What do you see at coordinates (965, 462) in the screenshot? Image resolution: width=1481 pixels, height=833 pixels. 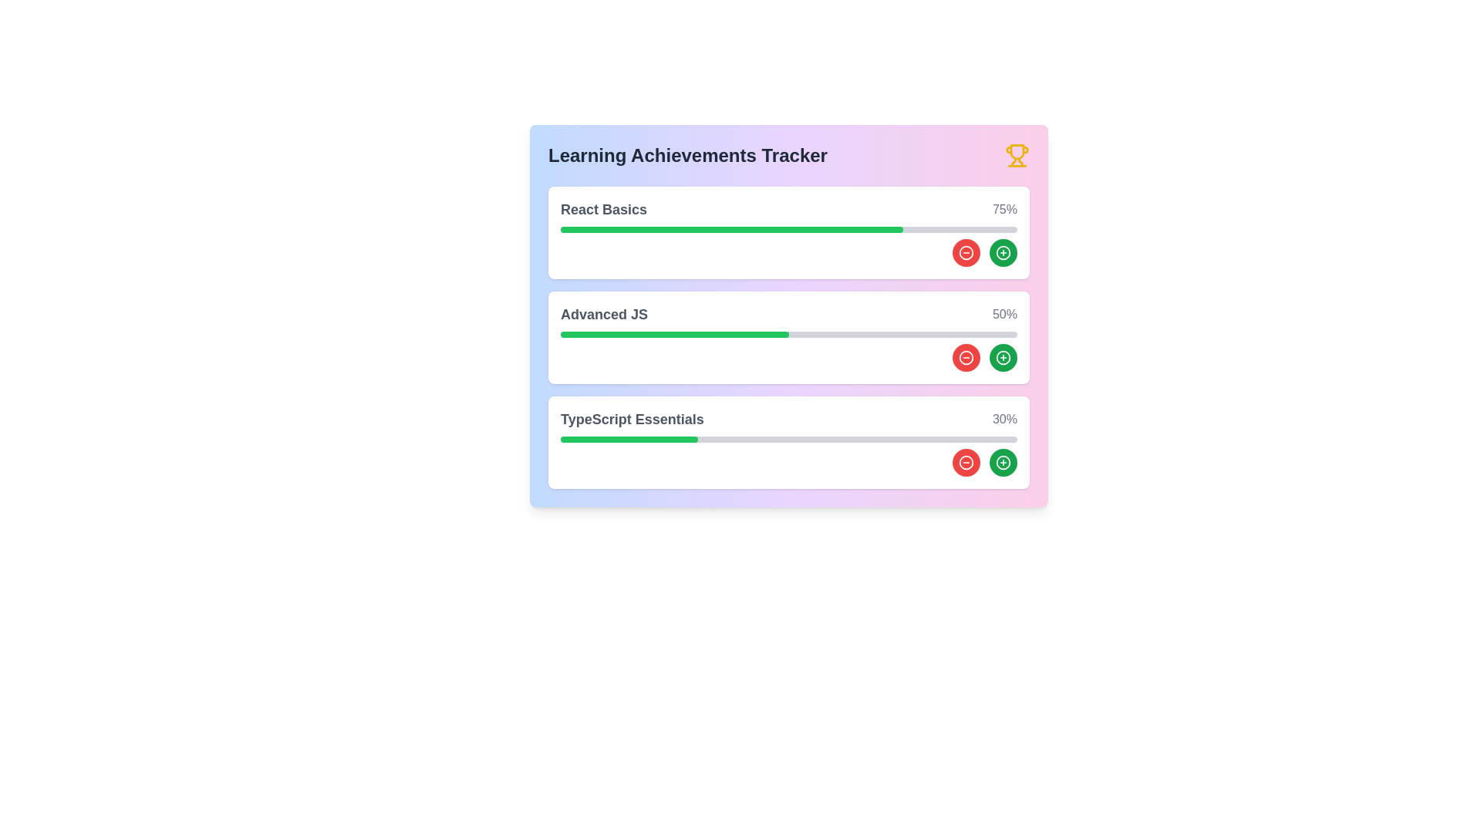 I see `the circular red button with a white minus icon, positioned to the left of a green plus button in the row next to the 'TypeScript Essentials' progress bar` at bounding box center [965, 462].